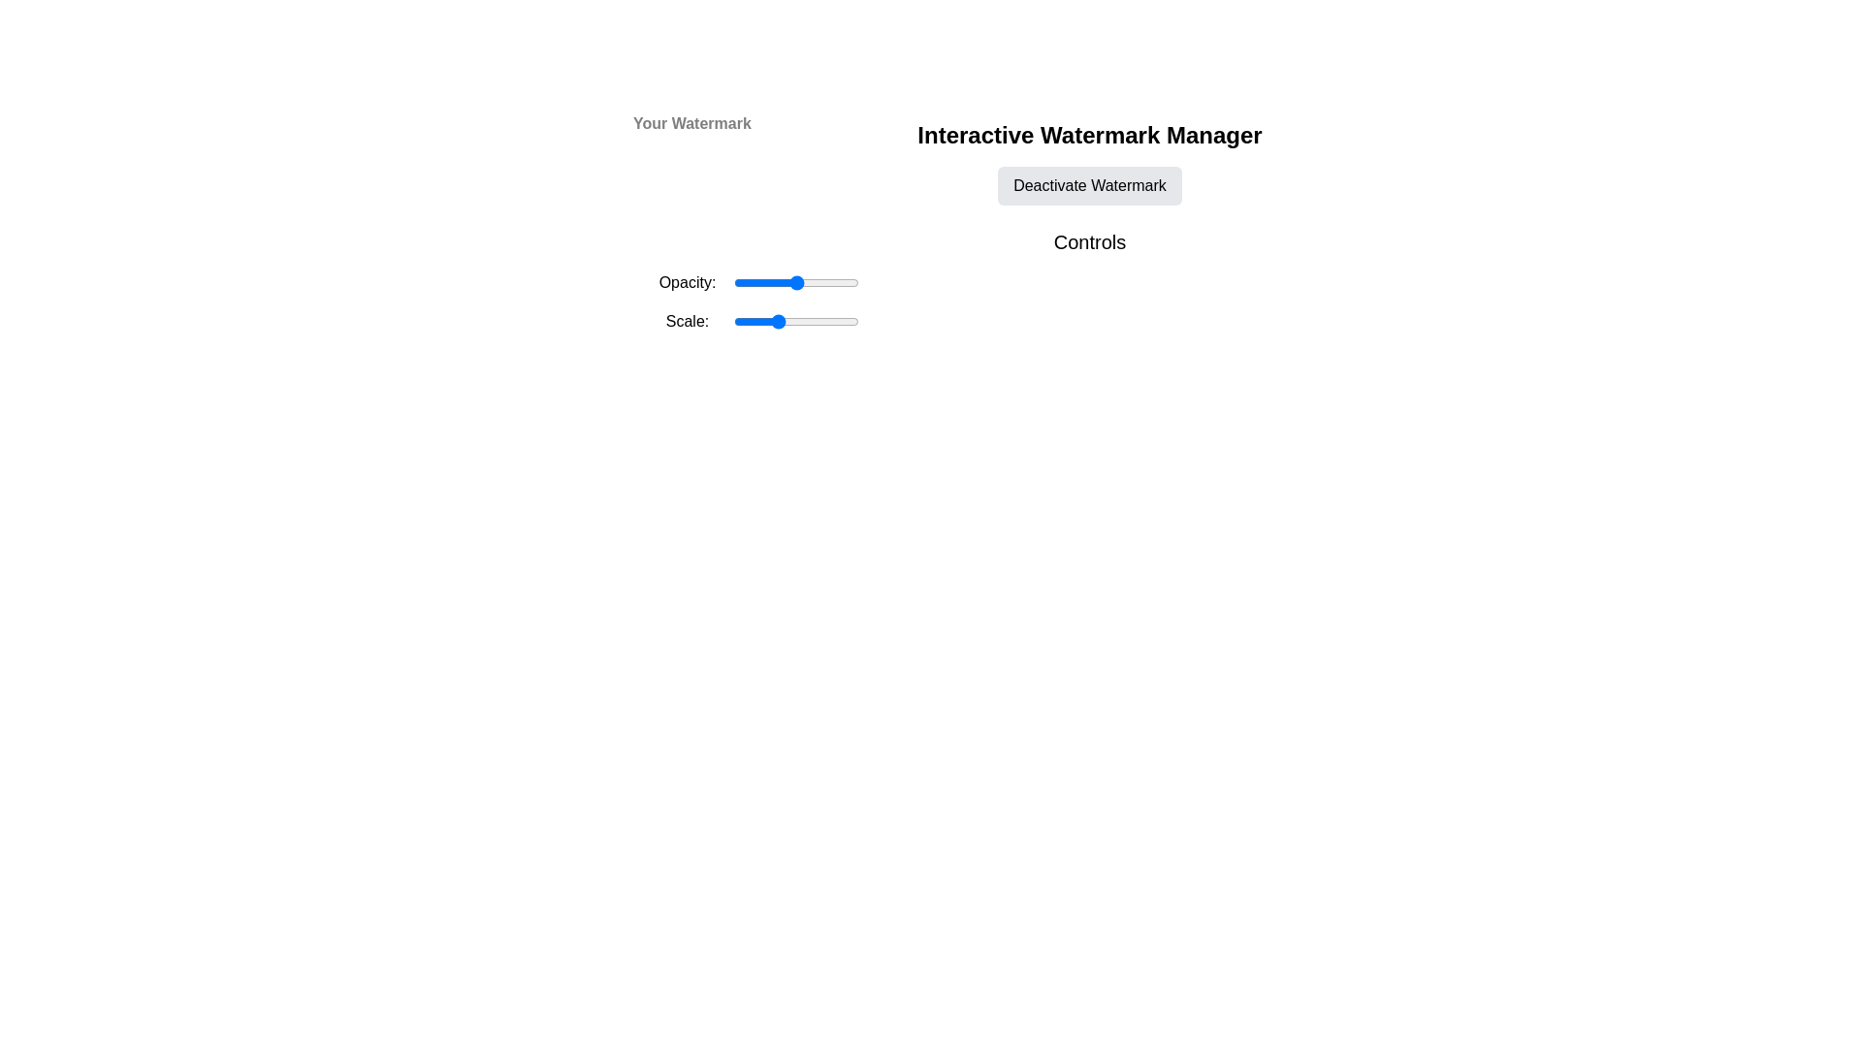 The width and height of the screenshot is (1862, 1047). Describe the element at coordinates (733, 283) in the screenshot. I see `opacity` at that location.